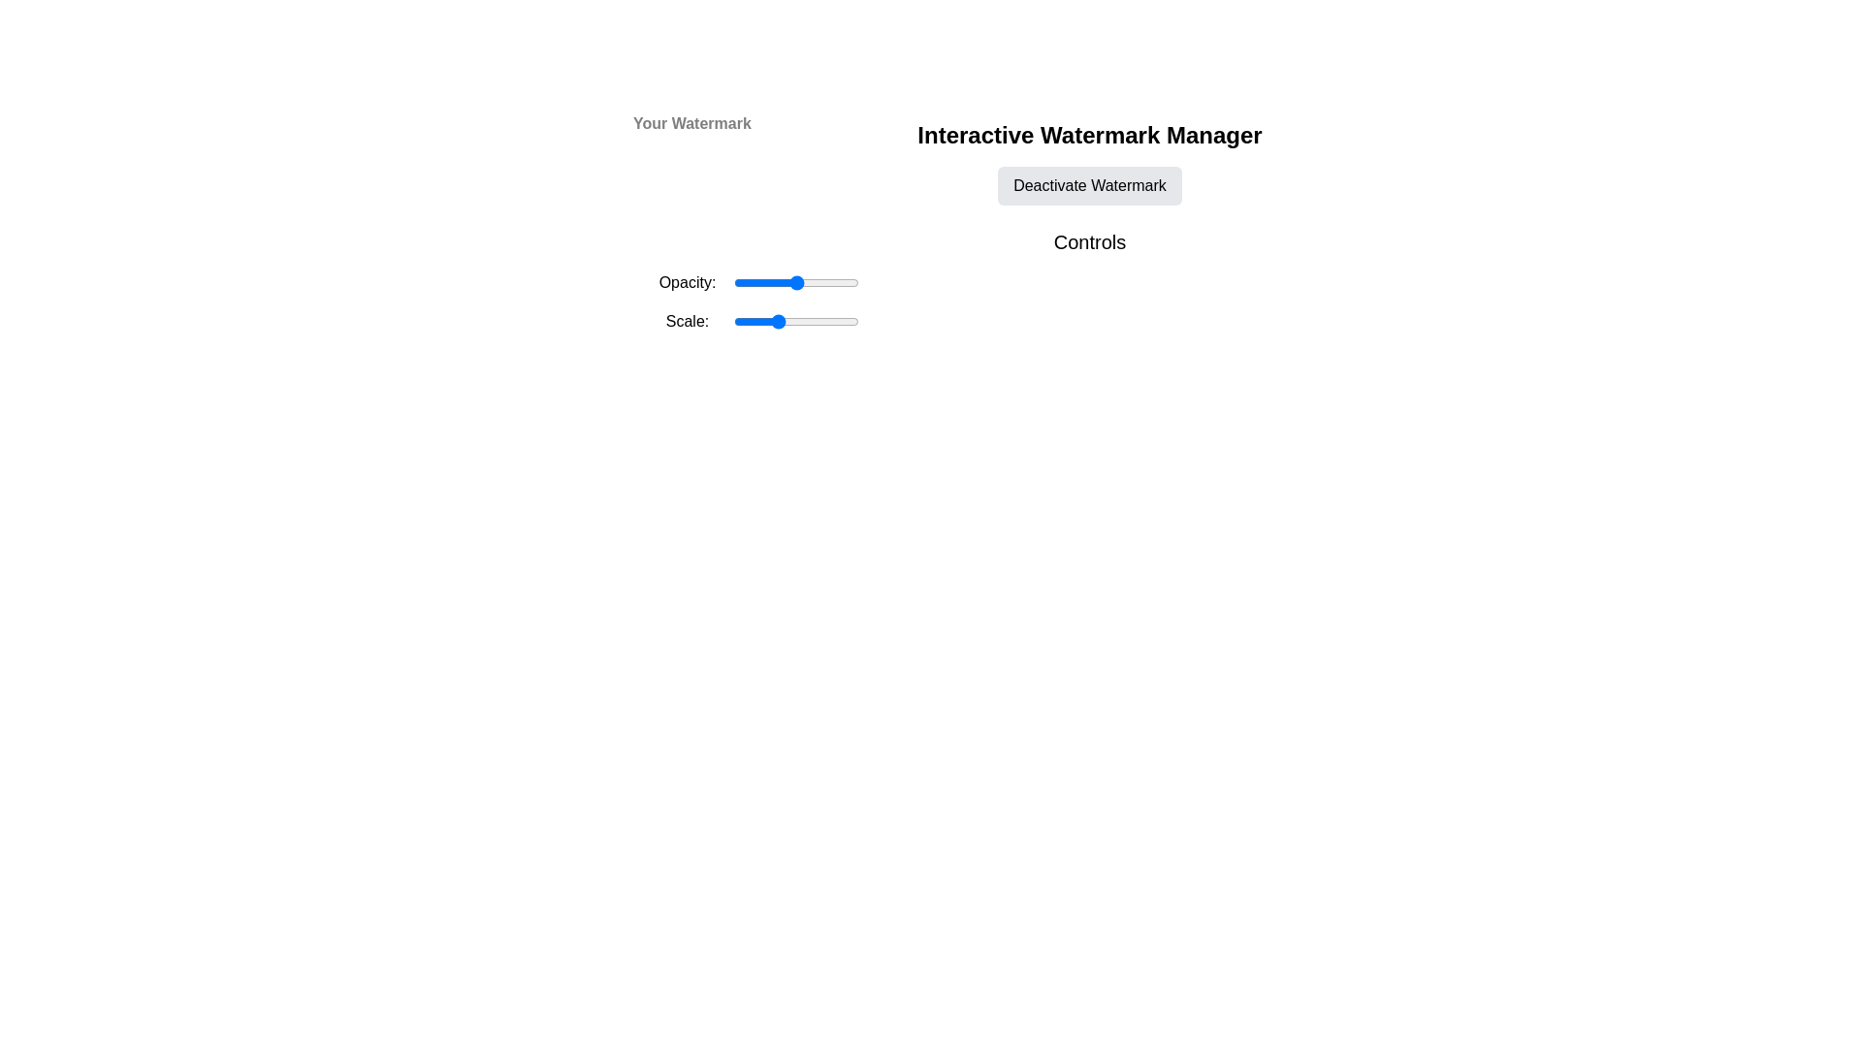 The width and height of the screenshot is (1862, 1047). Describe the element at coordinates (733, 283) in the screenshot. I see `opacity` at that location.